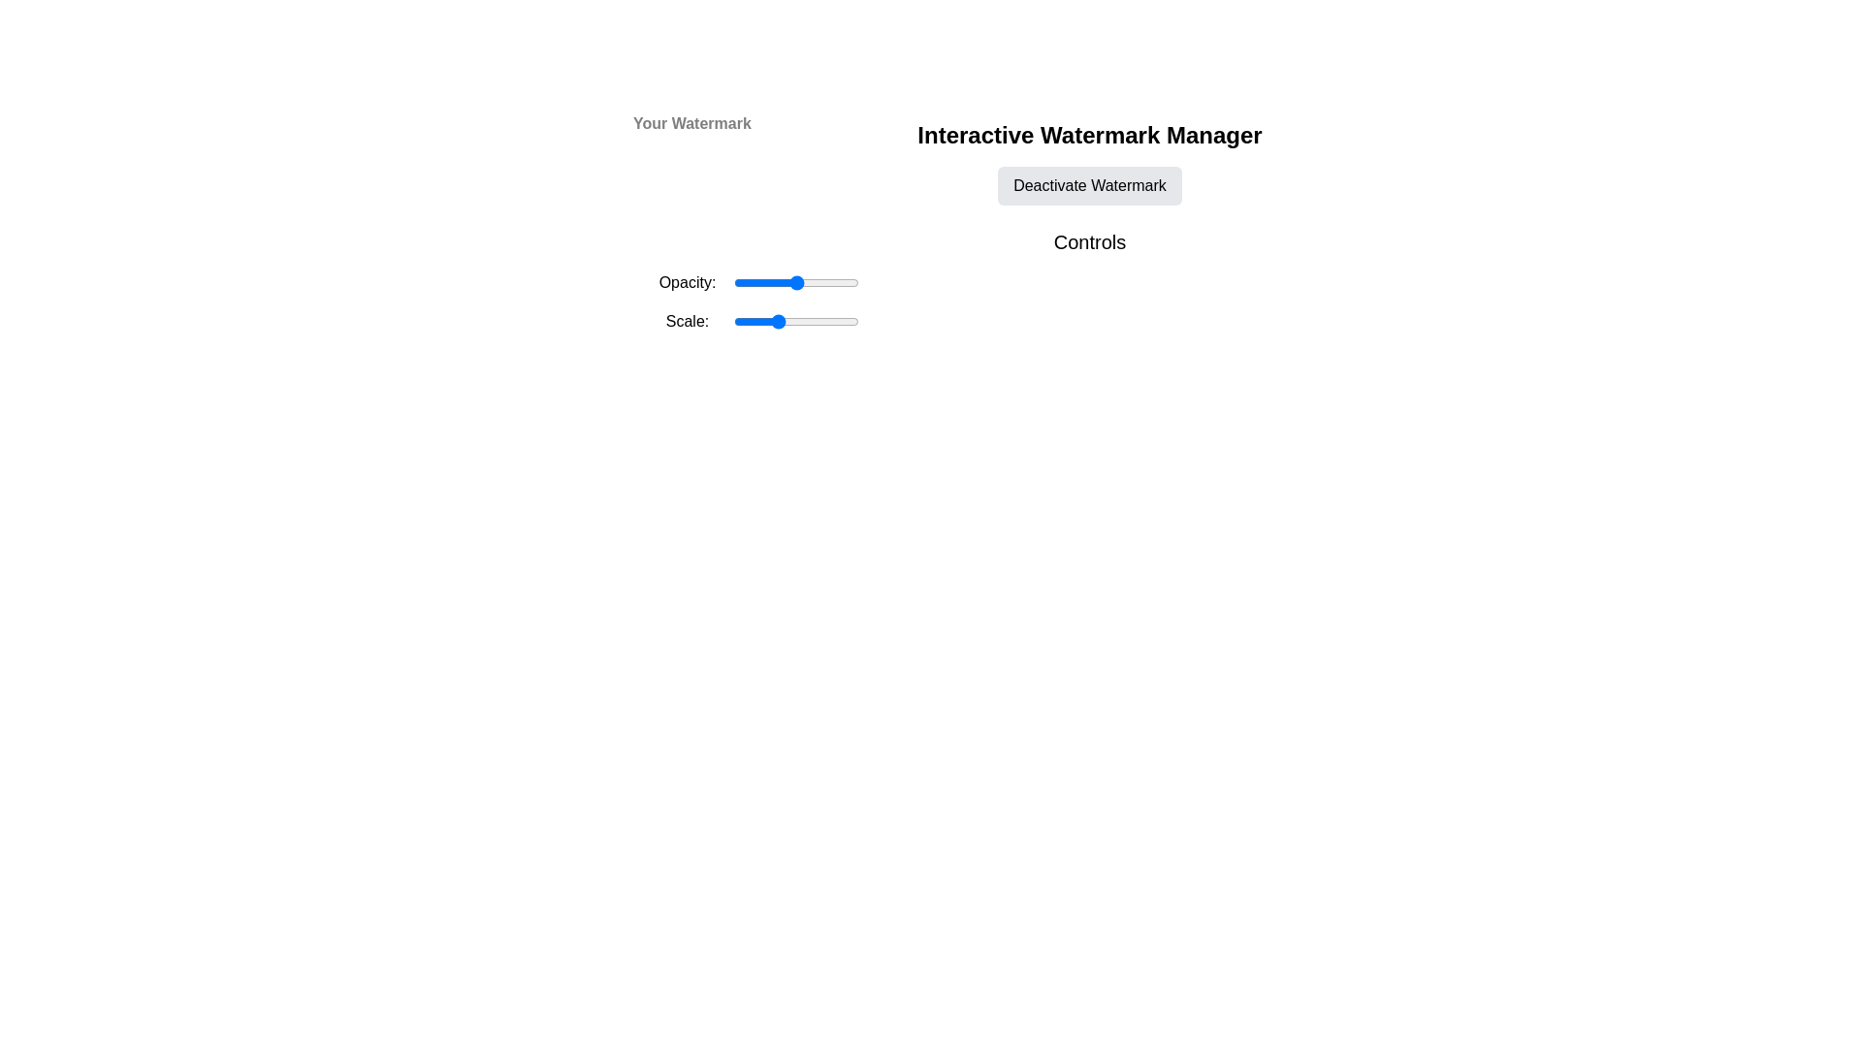 The width and height of the screenshot is (1862, 1047). Describe the element at coordinates (733, 283) in the screenshot. I see `opacity` at that location.